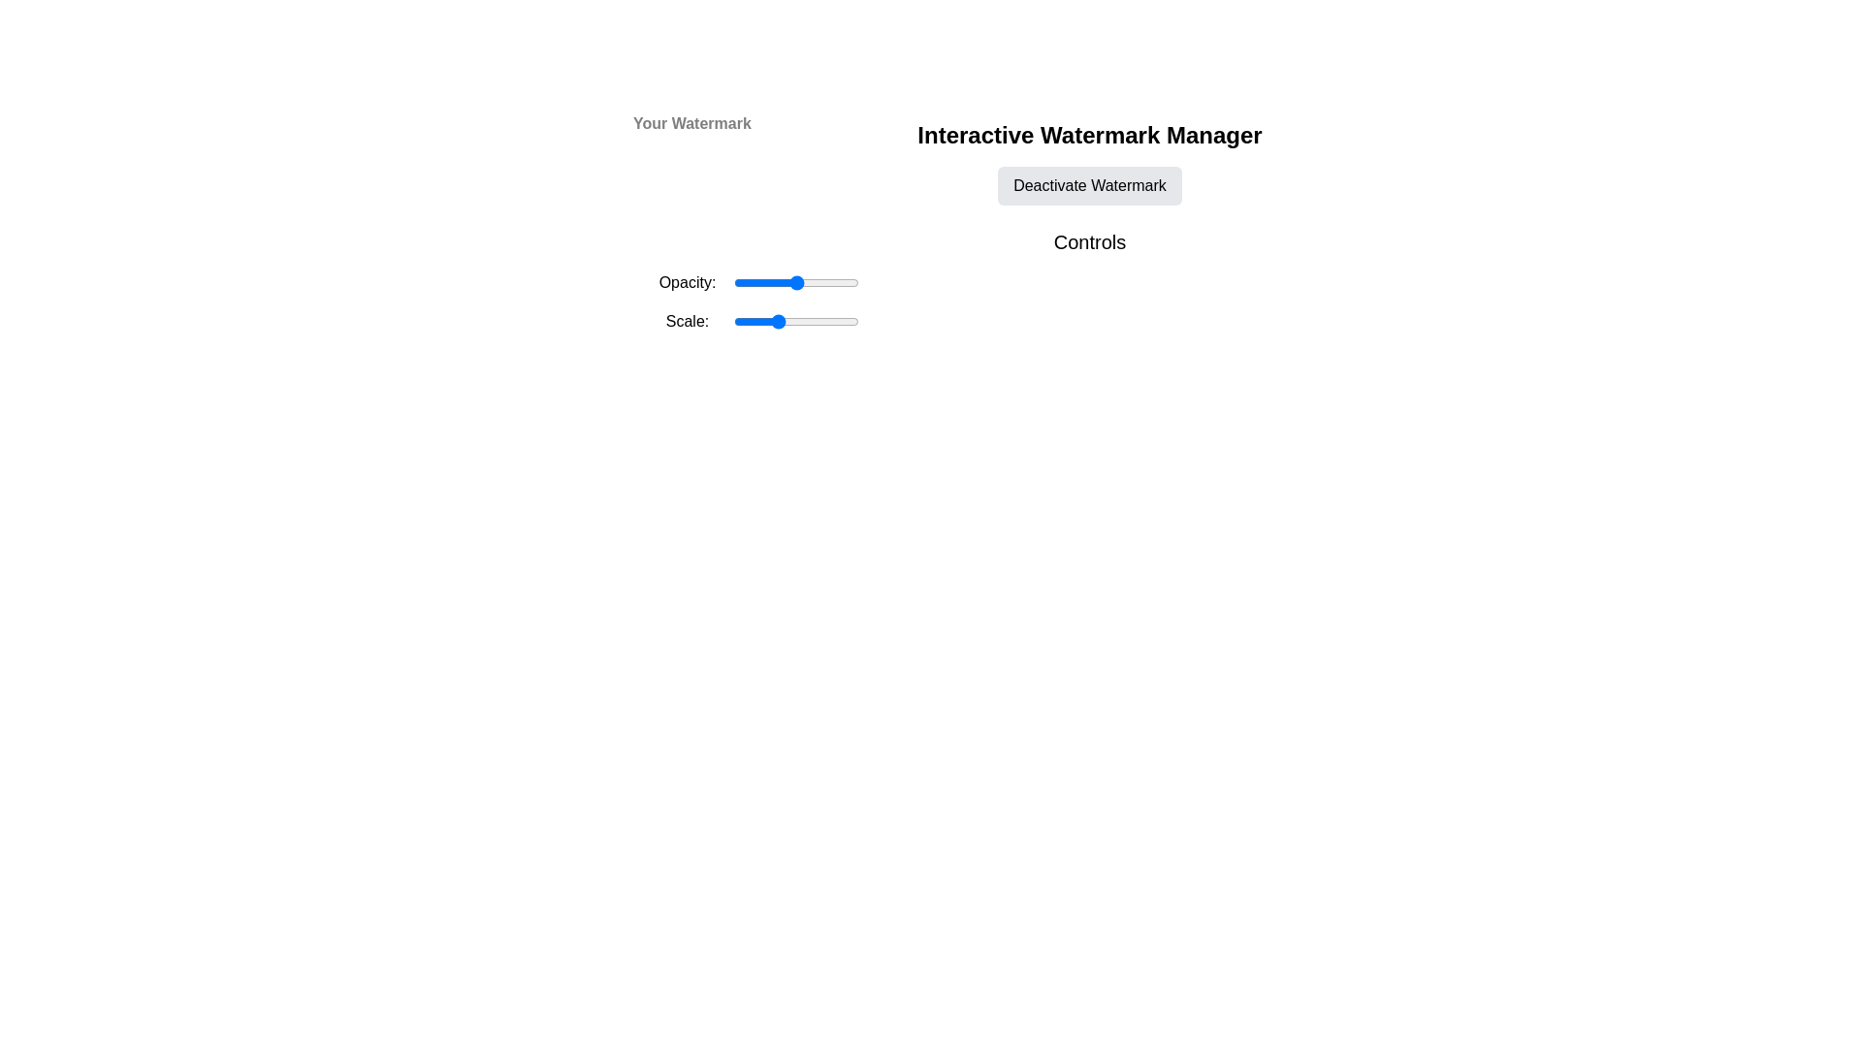 The width and height of the screenshot is (1862, 1047). Describe the element at coordinates (733, 283) in the screenshot. I see `opacity` at that location.